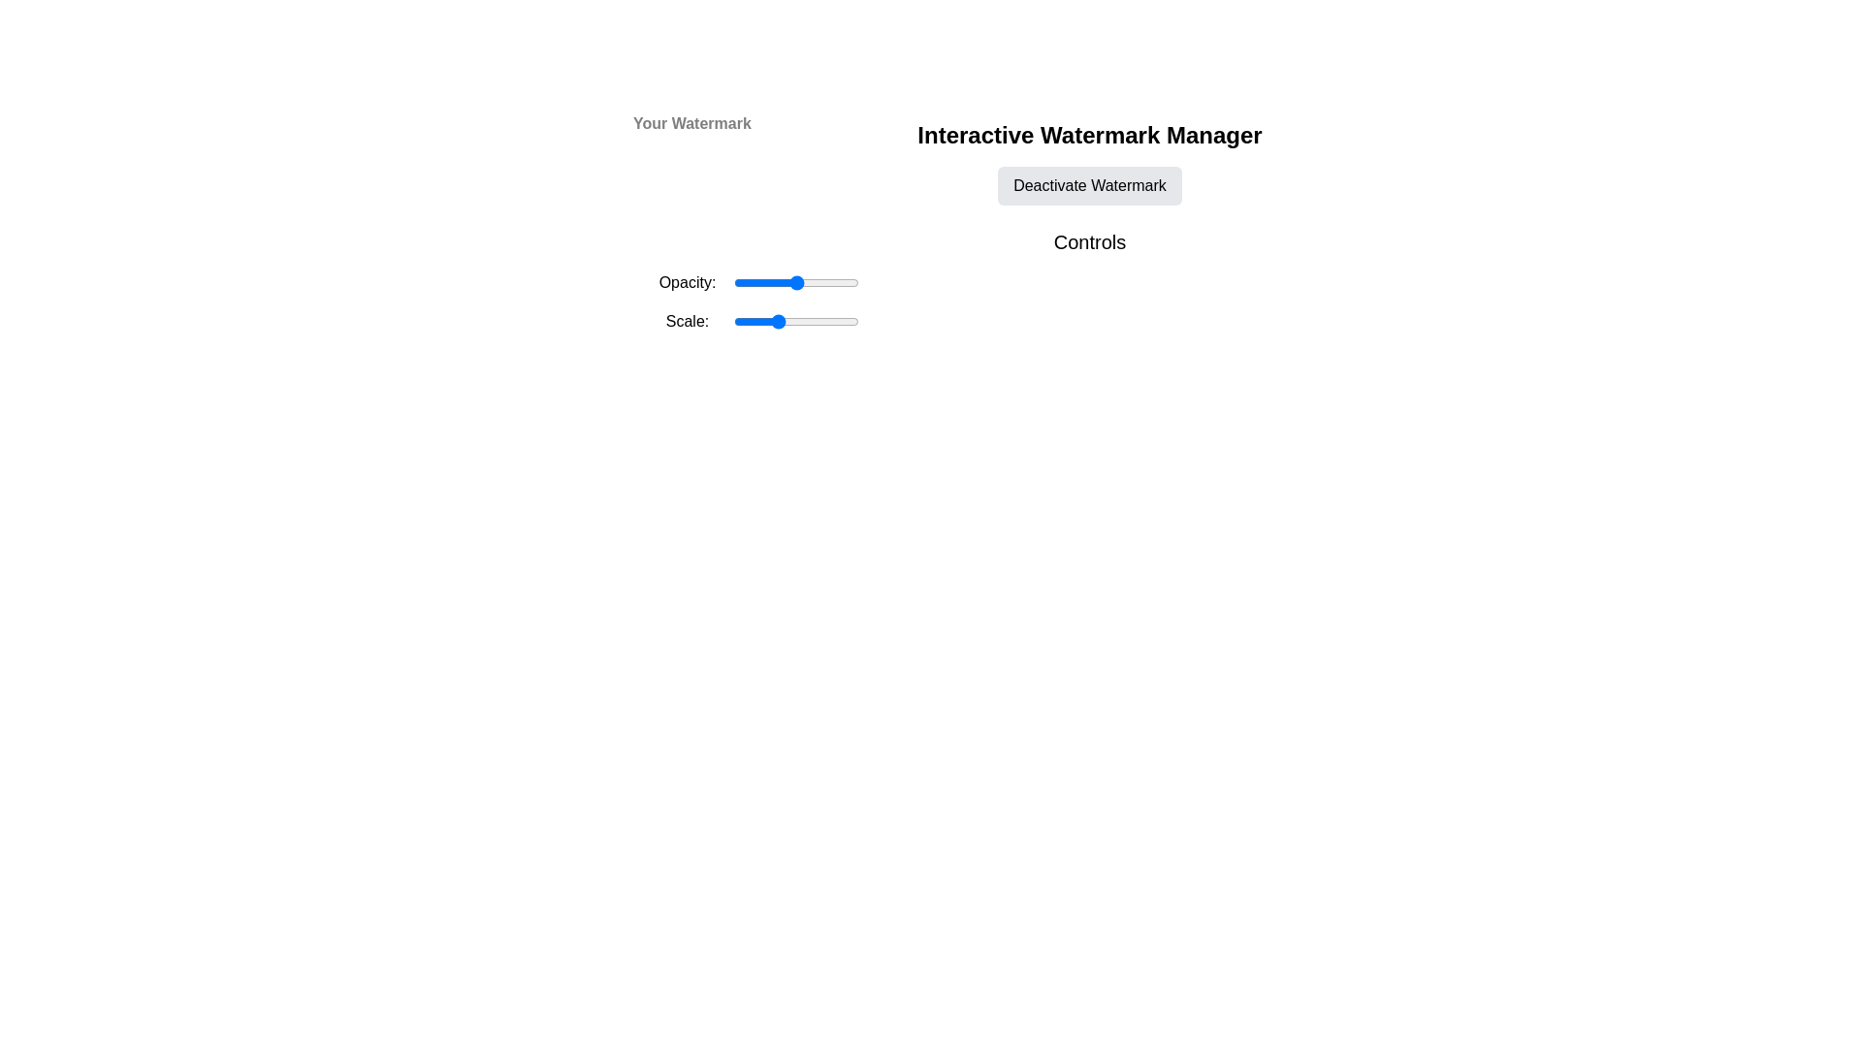 The width and height of the screenshot is (1862, 1047). Describe the element at coordinates (733, 283) in the screenshot. I see `opacity` at that location.